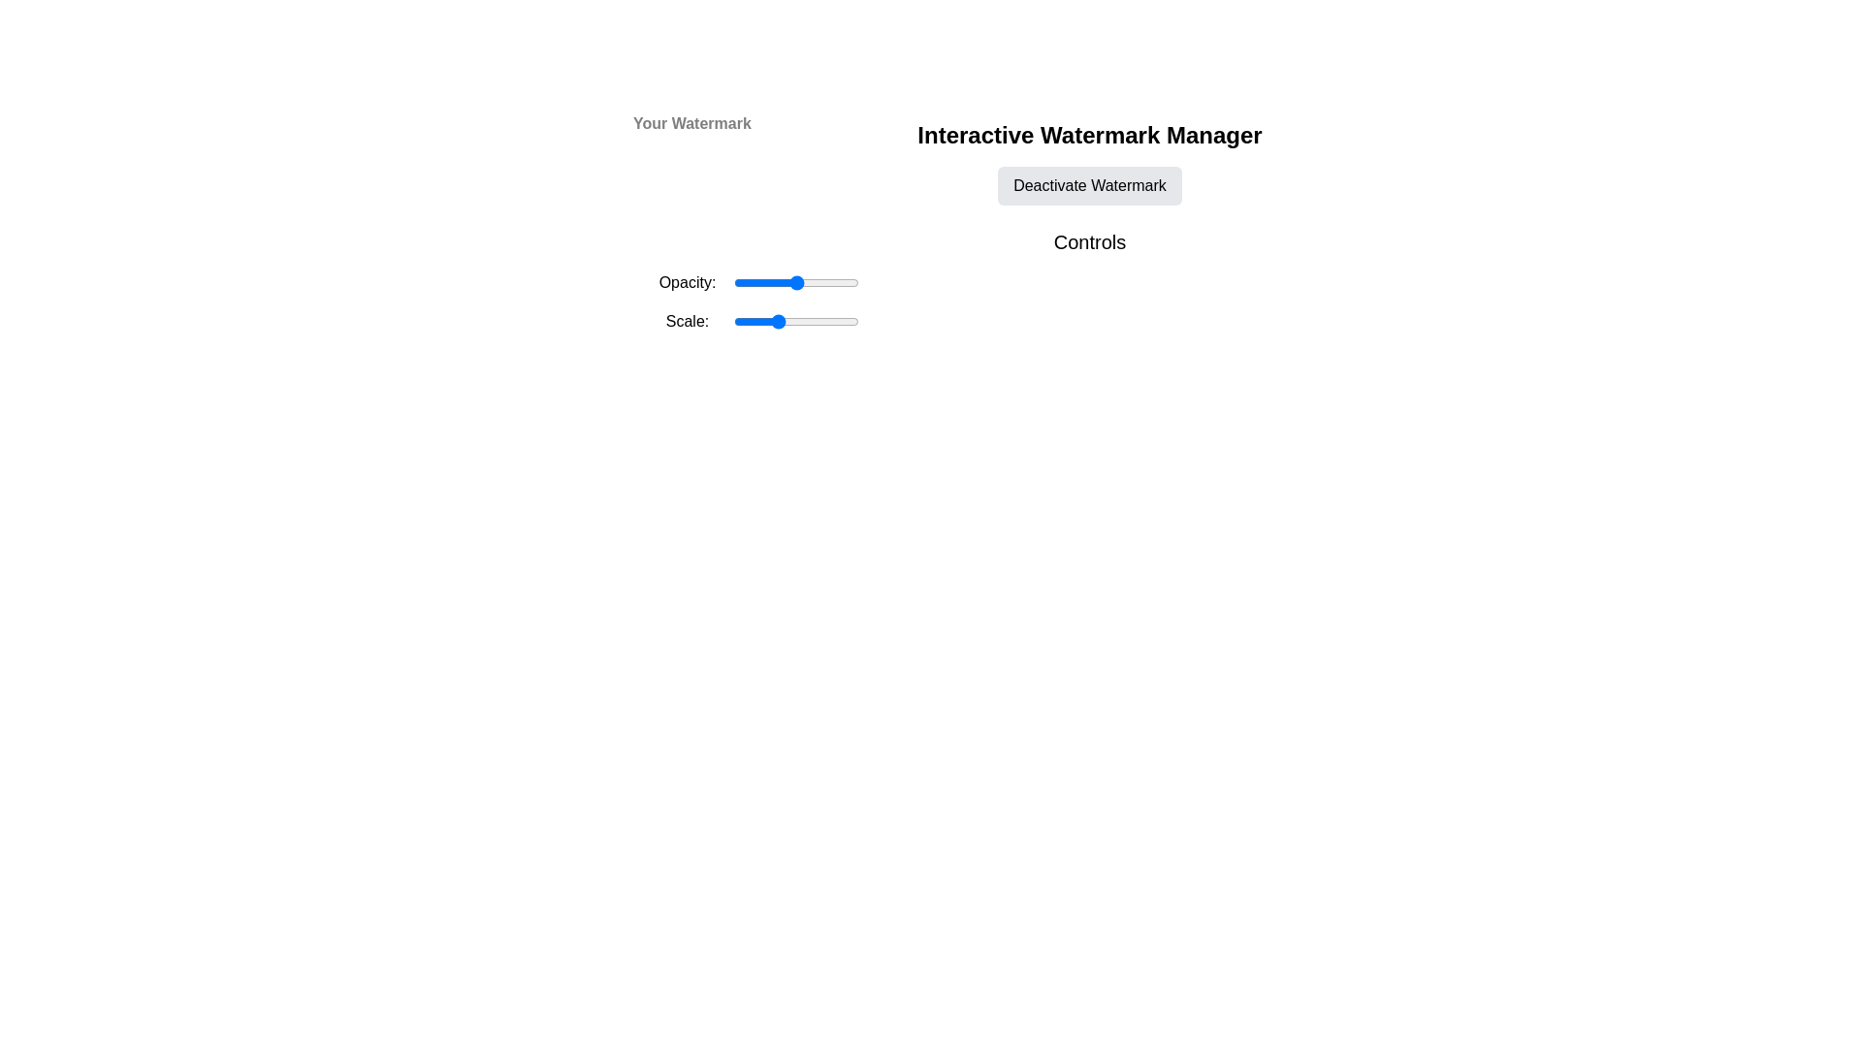 The width and height of the screenshot is (1862, 1047). Describe the element at coordinates (733, 283) in the screenshot. I see `opacity` at that location.